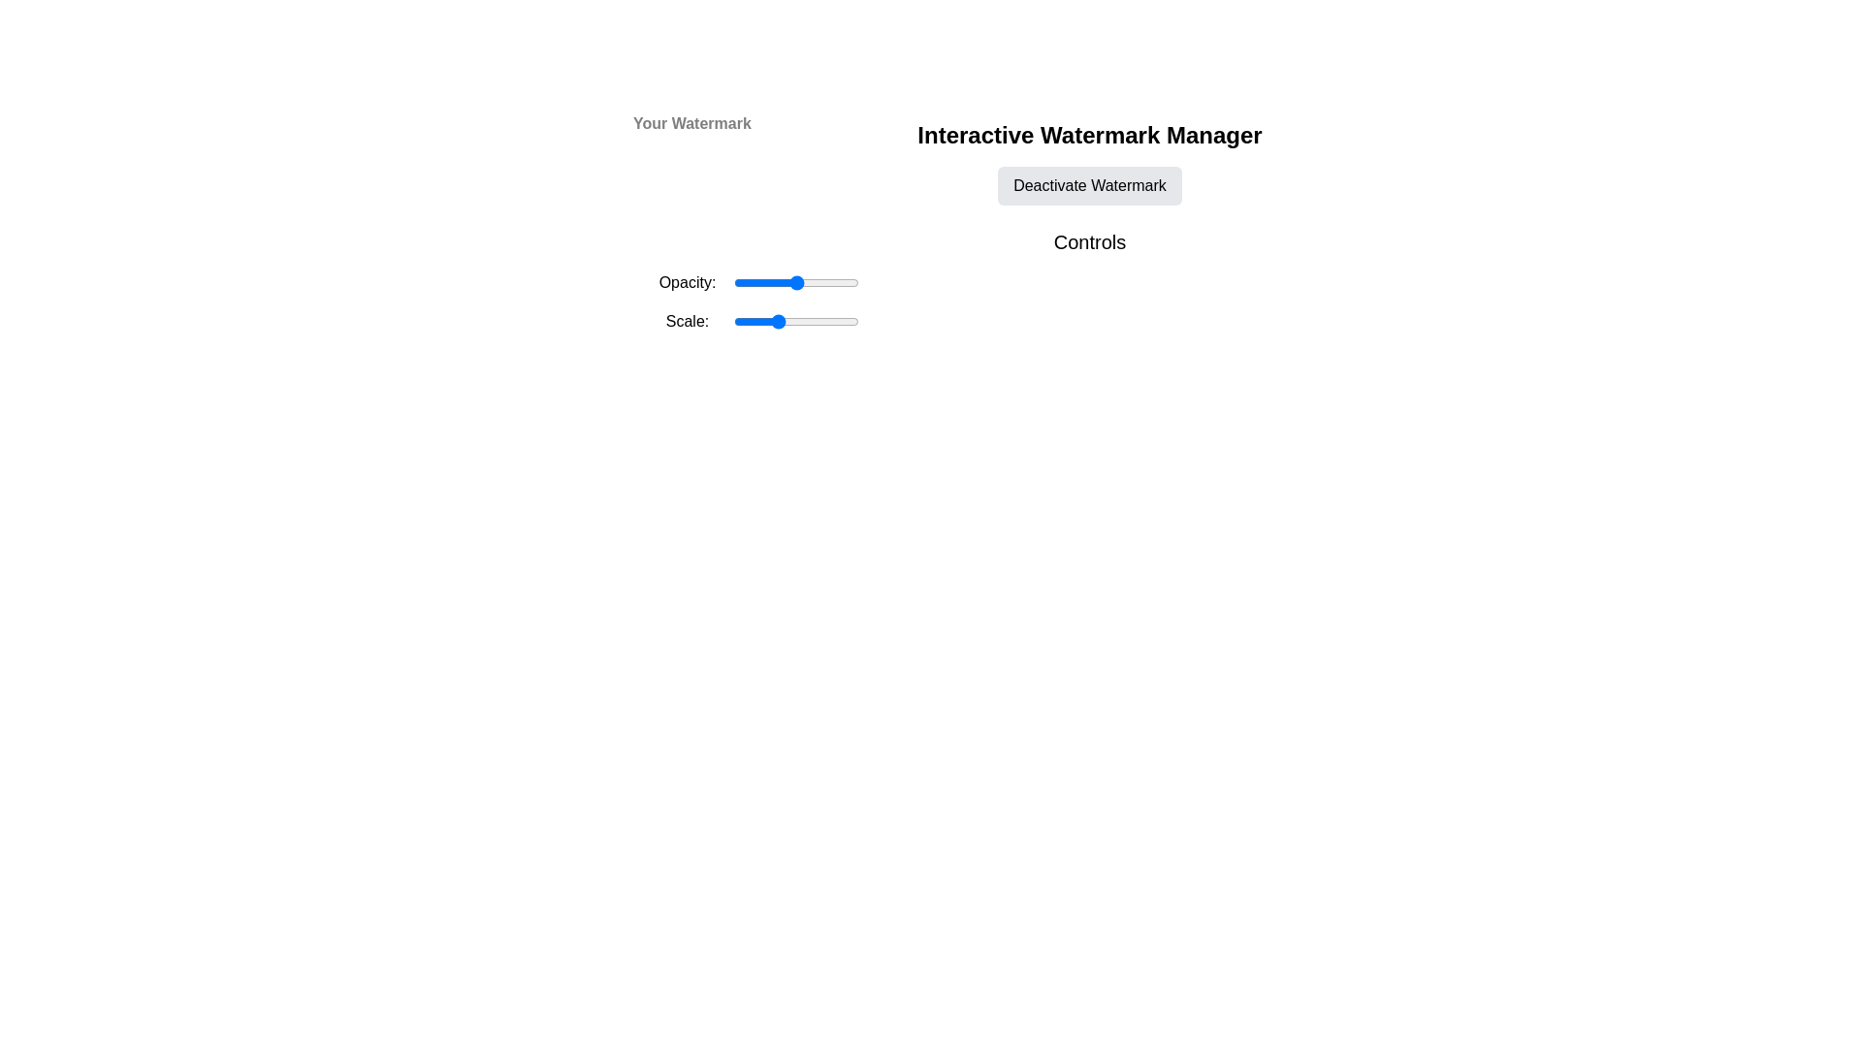 The width and height of the screenshot is (1862, 1047). Describe the element at coordinates (733, 283) in the screenshot. I see `opacity` at that location.